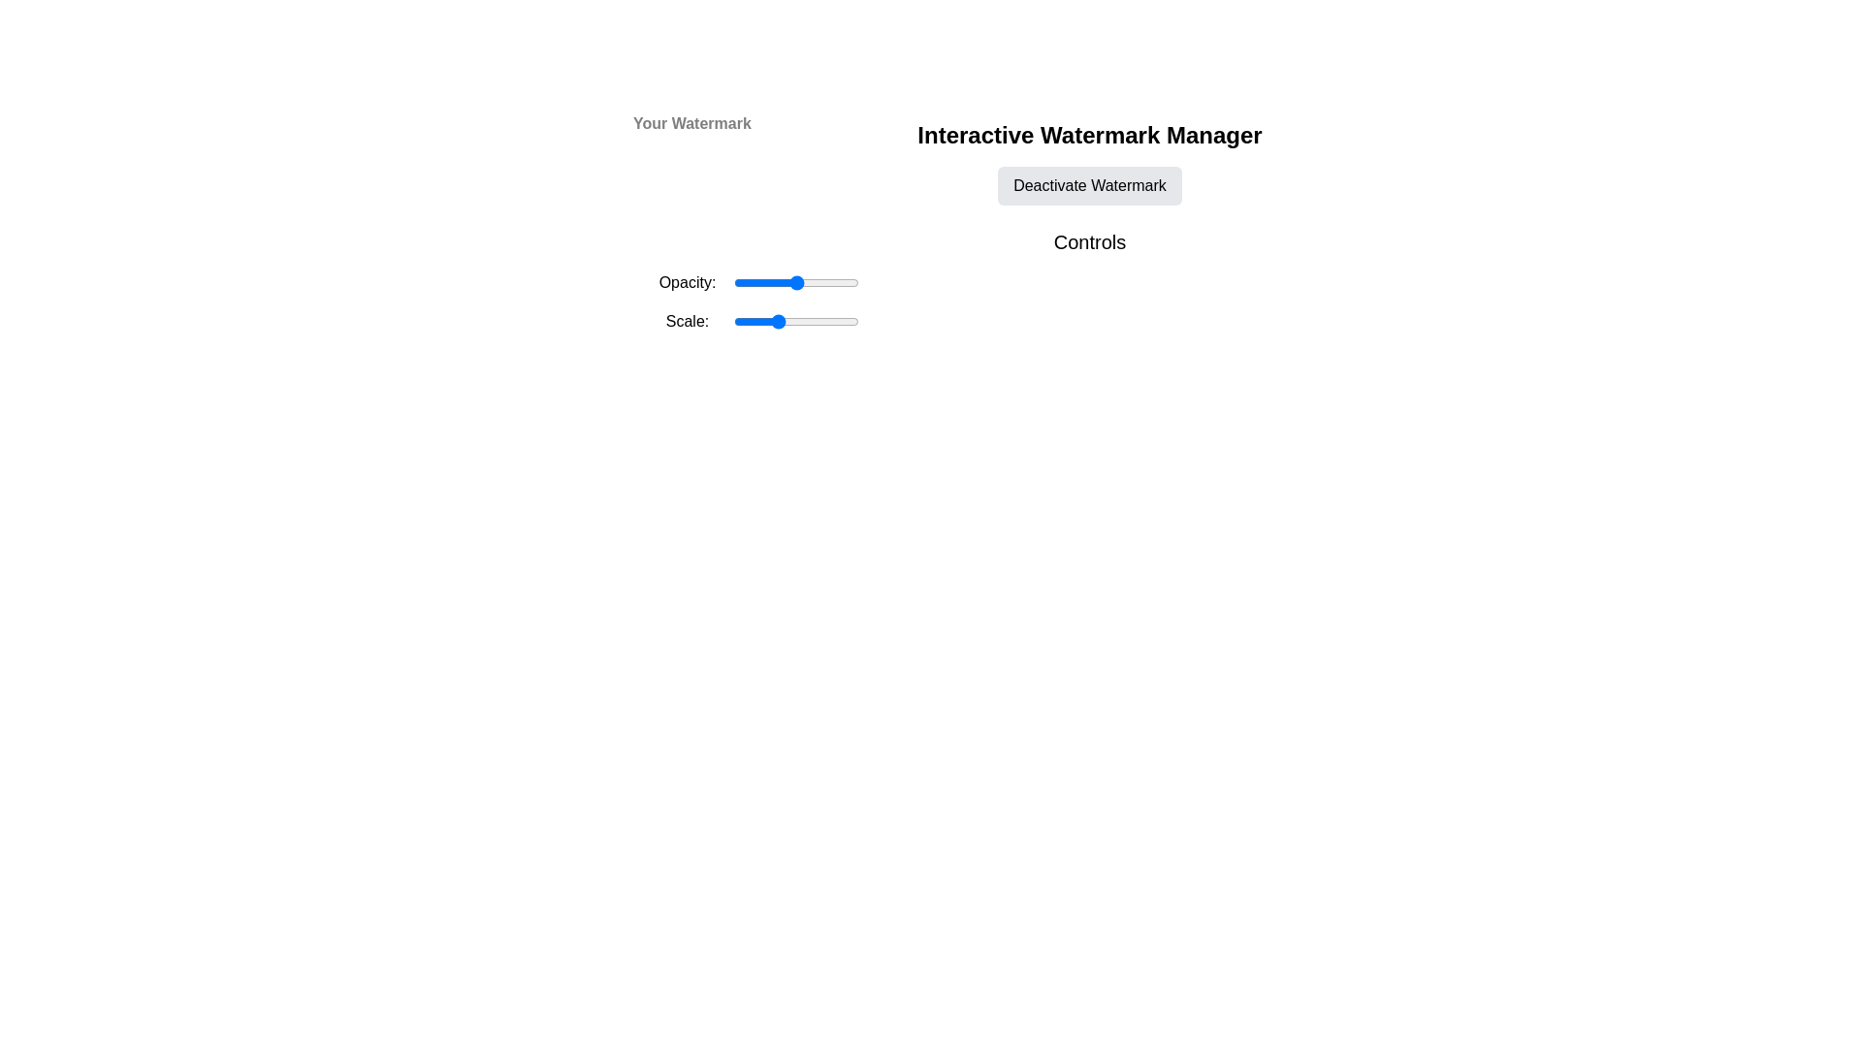 The width and height of the screenshot is (1862, 1047). Describe the element at coordinates (733, 283) in the screenshot. I see `opacity` at that location.